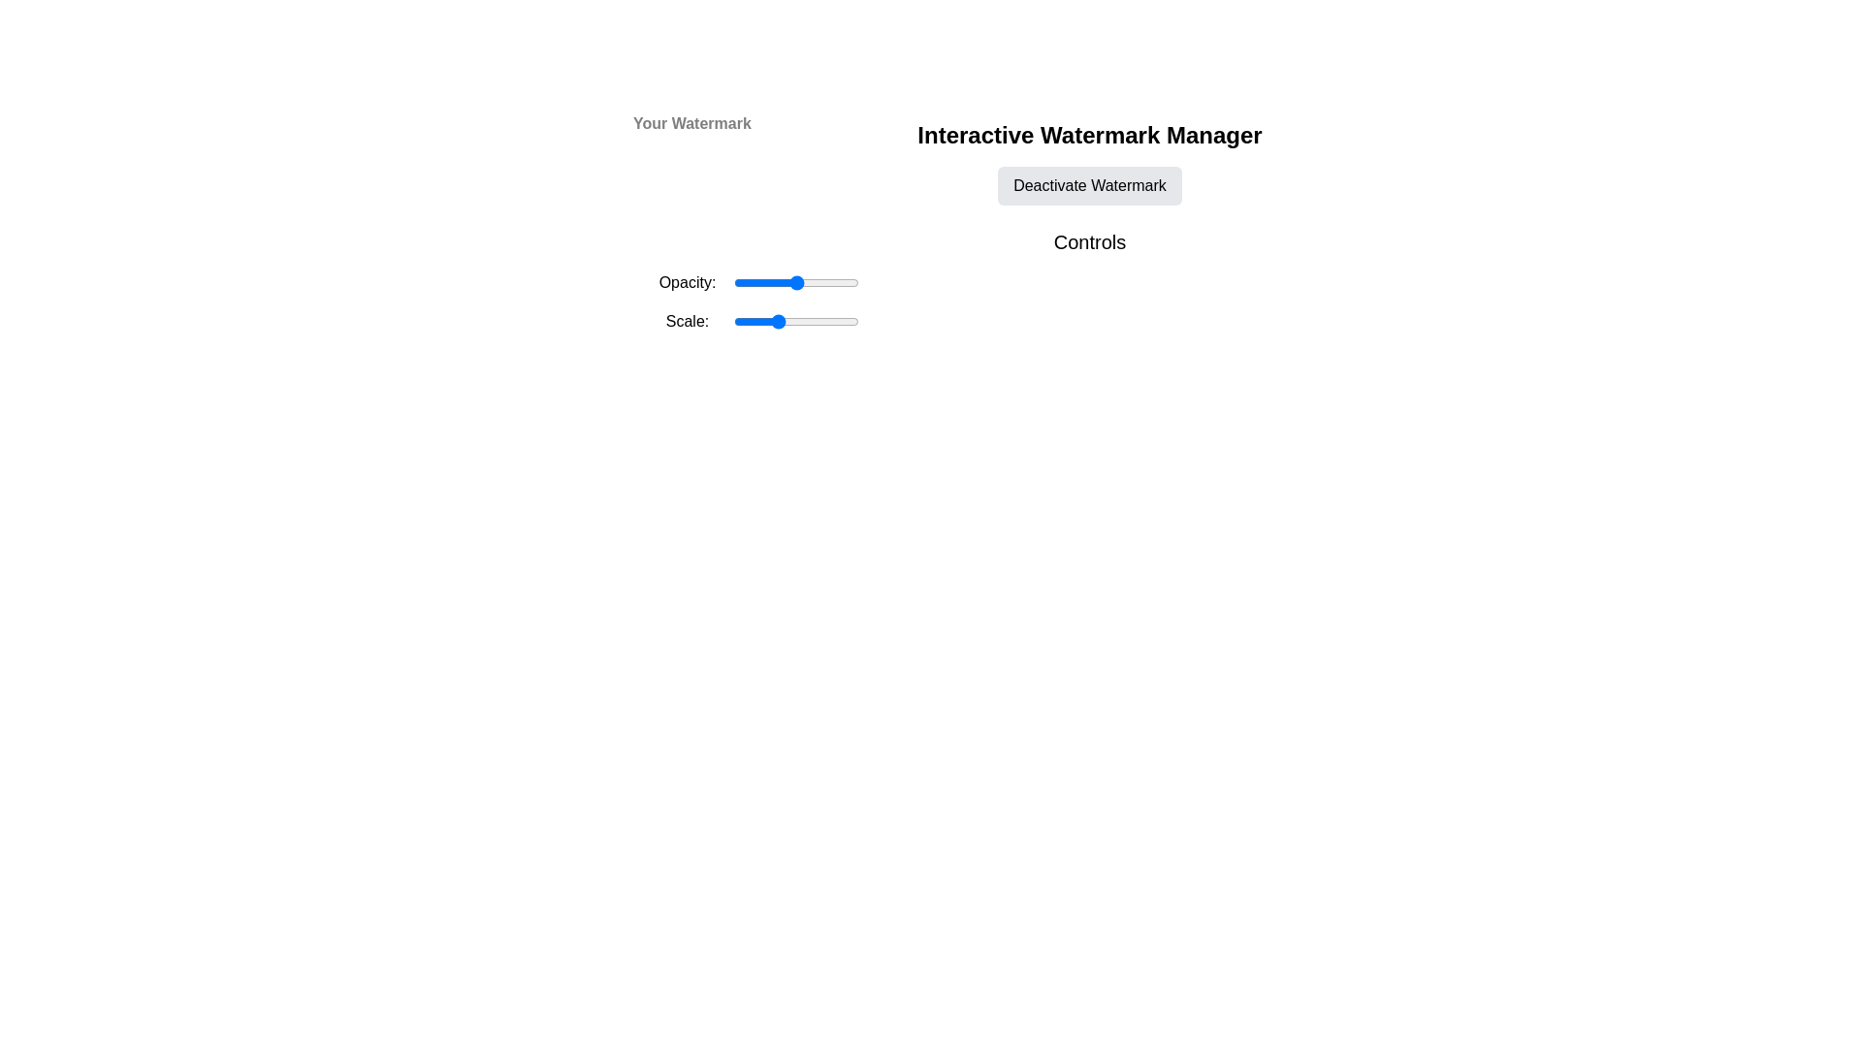 The width and height of the screenshot is (1862, 1047). Describe the element at coordinates (733, 283) in the screenshot. I see `opacity` at that location.